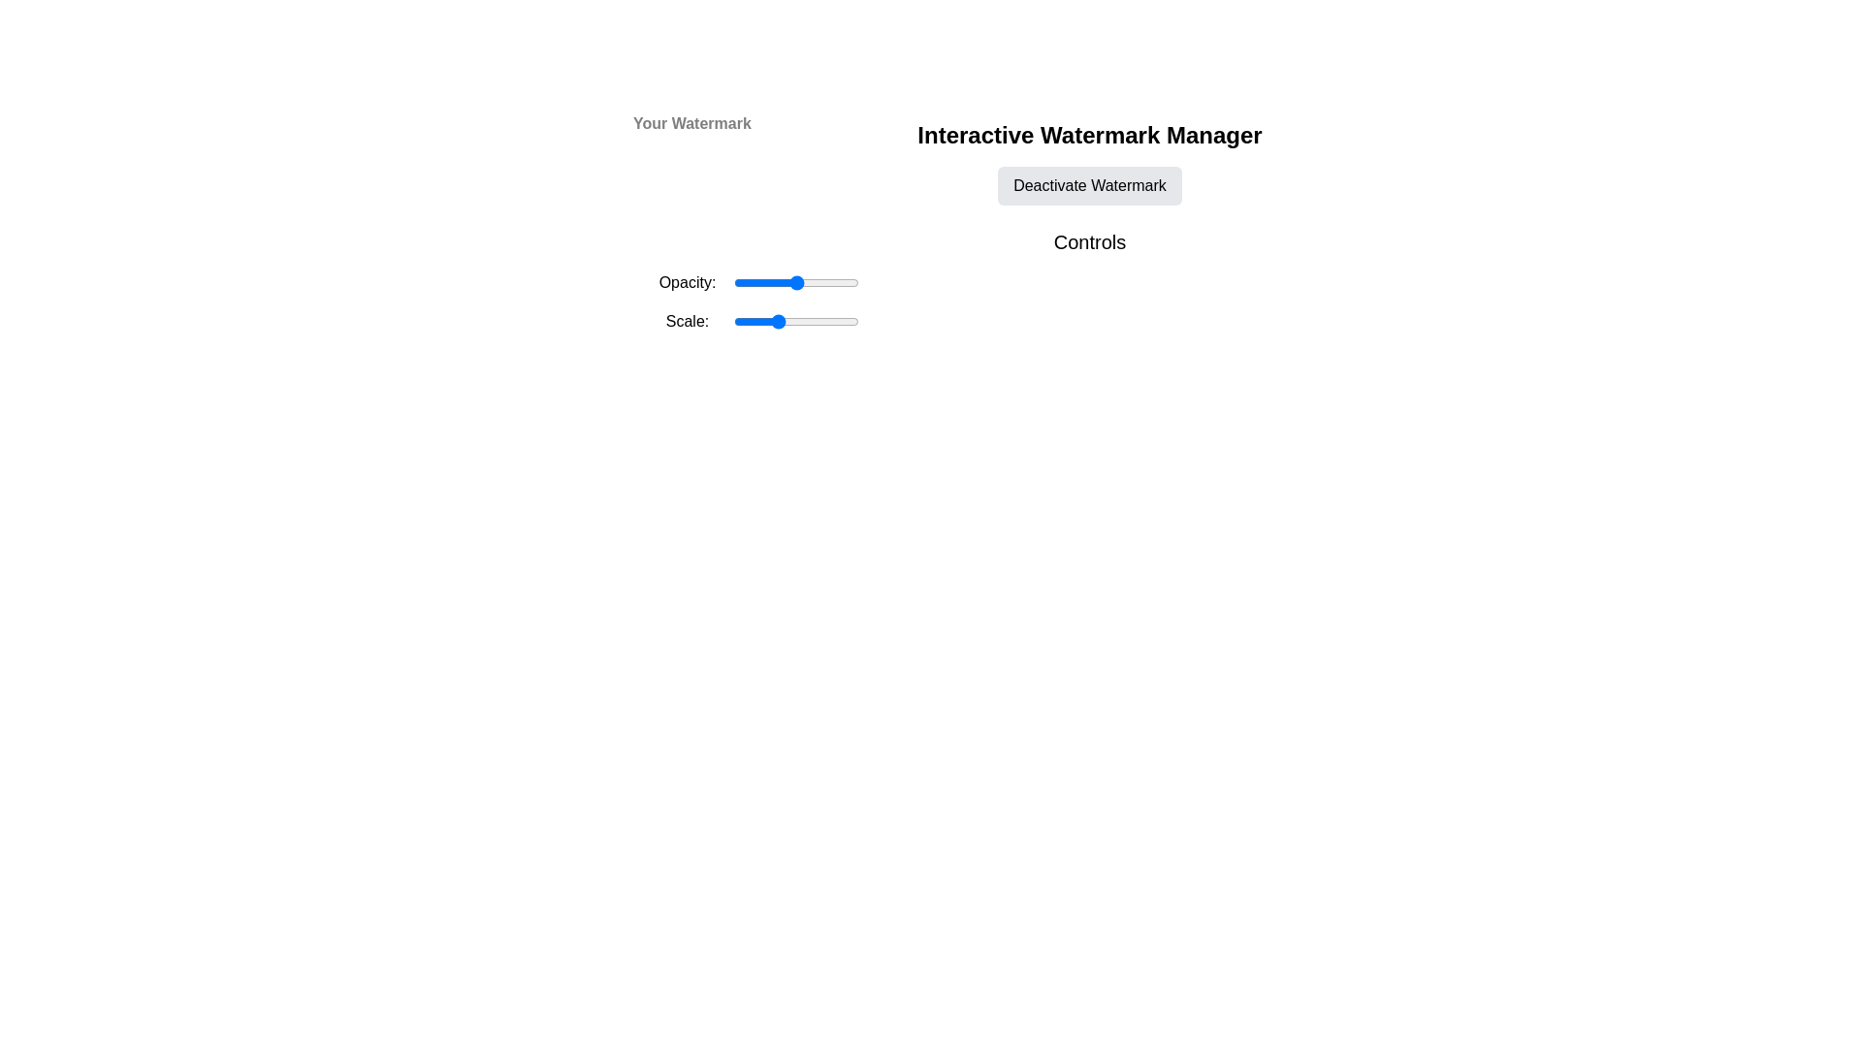 The width and height of the screenshot is (1862, 1047). Describe the element at coordinates (733, 283) in the screenshot. I see `opacity` at that location.